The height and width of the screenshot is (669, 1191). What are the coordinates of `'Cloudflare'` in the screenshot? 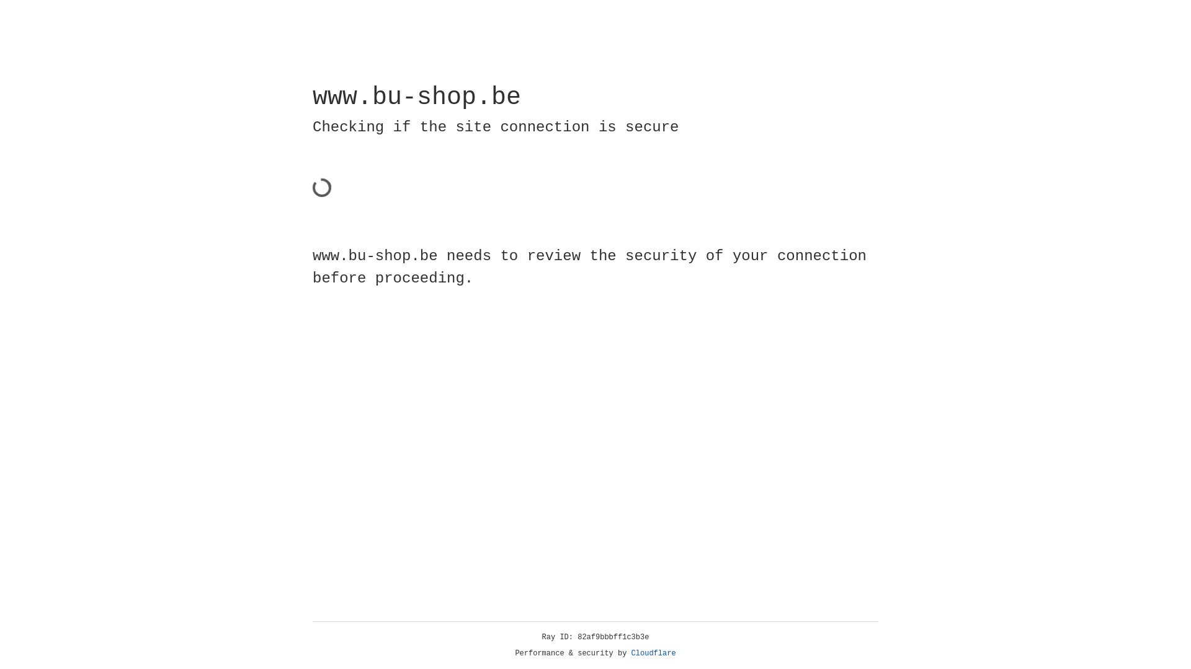 It's located at (653, 653).